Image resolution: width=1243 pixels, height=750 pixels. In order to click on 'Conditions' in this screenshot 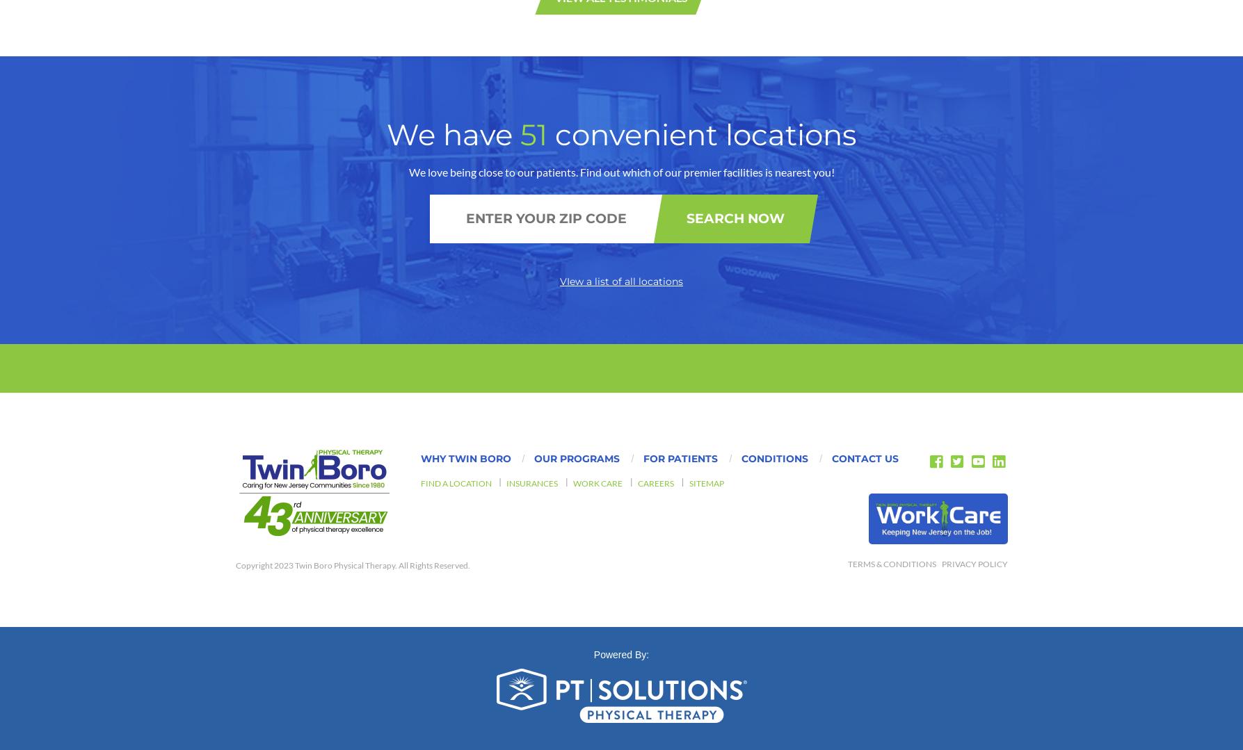, I will do `click(740, 124)`.